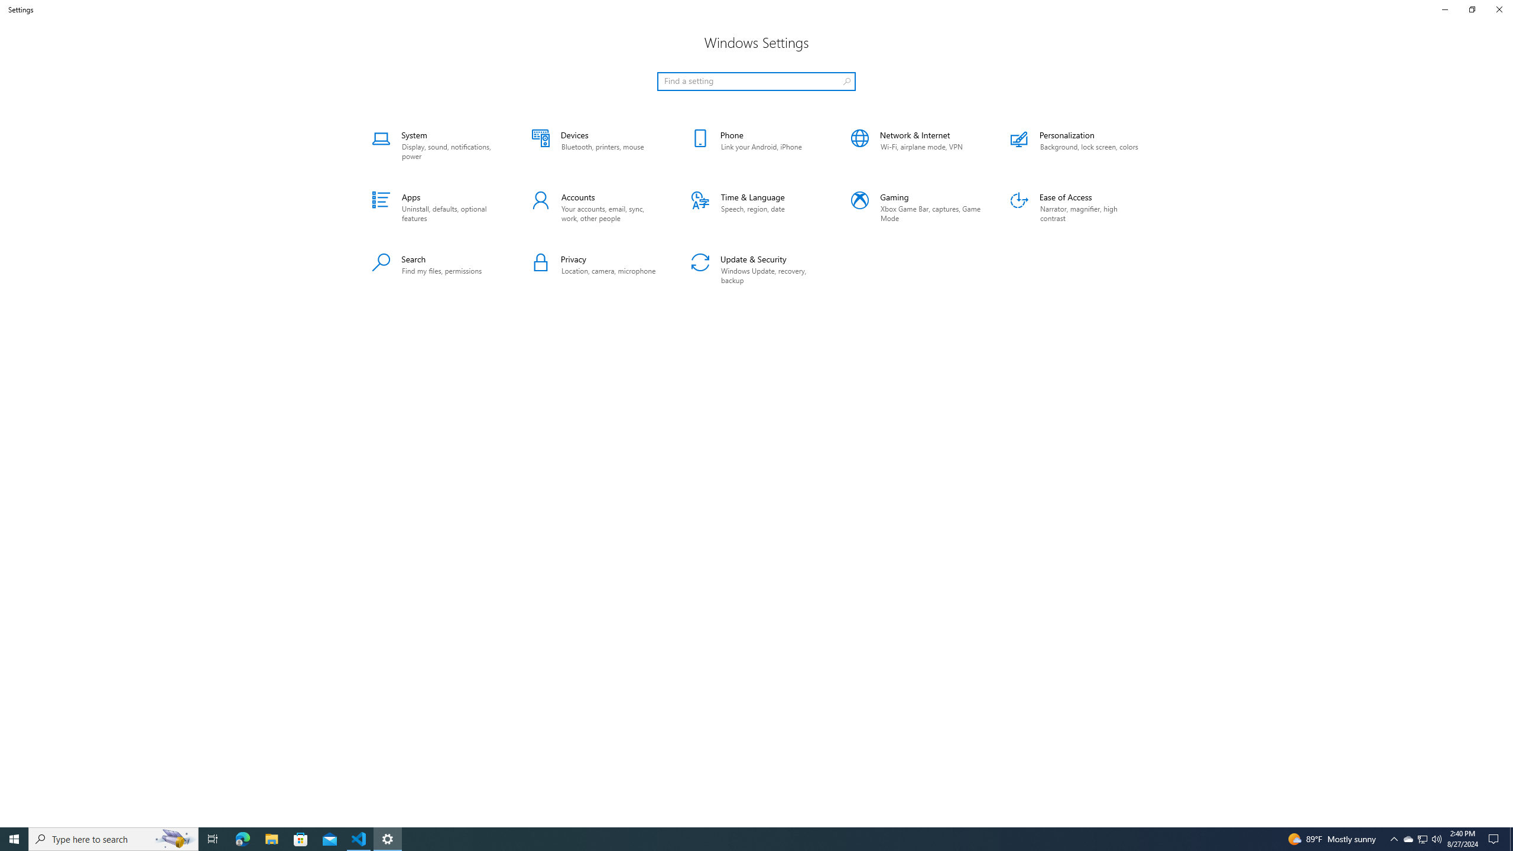 This screenshot has height=851, width=1513. Describe the element at coordinates (756, 81) in the screenshot. I see `'Search box, Find a setting'` at that location.